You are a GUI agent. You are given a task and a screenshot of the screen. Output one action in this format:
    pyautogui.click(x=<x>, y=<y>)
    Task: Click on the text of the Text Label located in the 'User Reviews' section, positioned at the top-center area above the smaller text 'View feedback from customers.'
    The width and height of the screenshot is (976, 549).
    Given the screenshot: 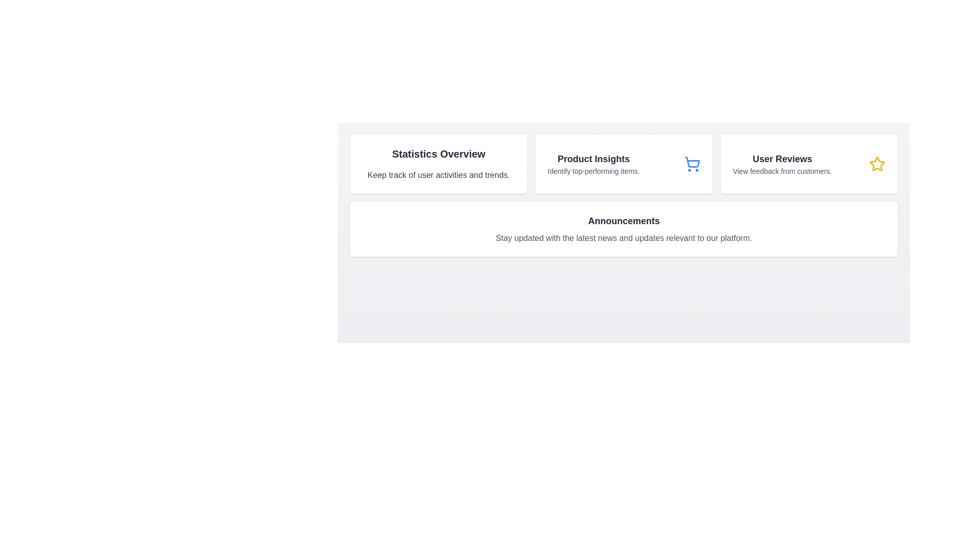 What is the action you would take?
    pyautogui.click(x=782, y=159)
    